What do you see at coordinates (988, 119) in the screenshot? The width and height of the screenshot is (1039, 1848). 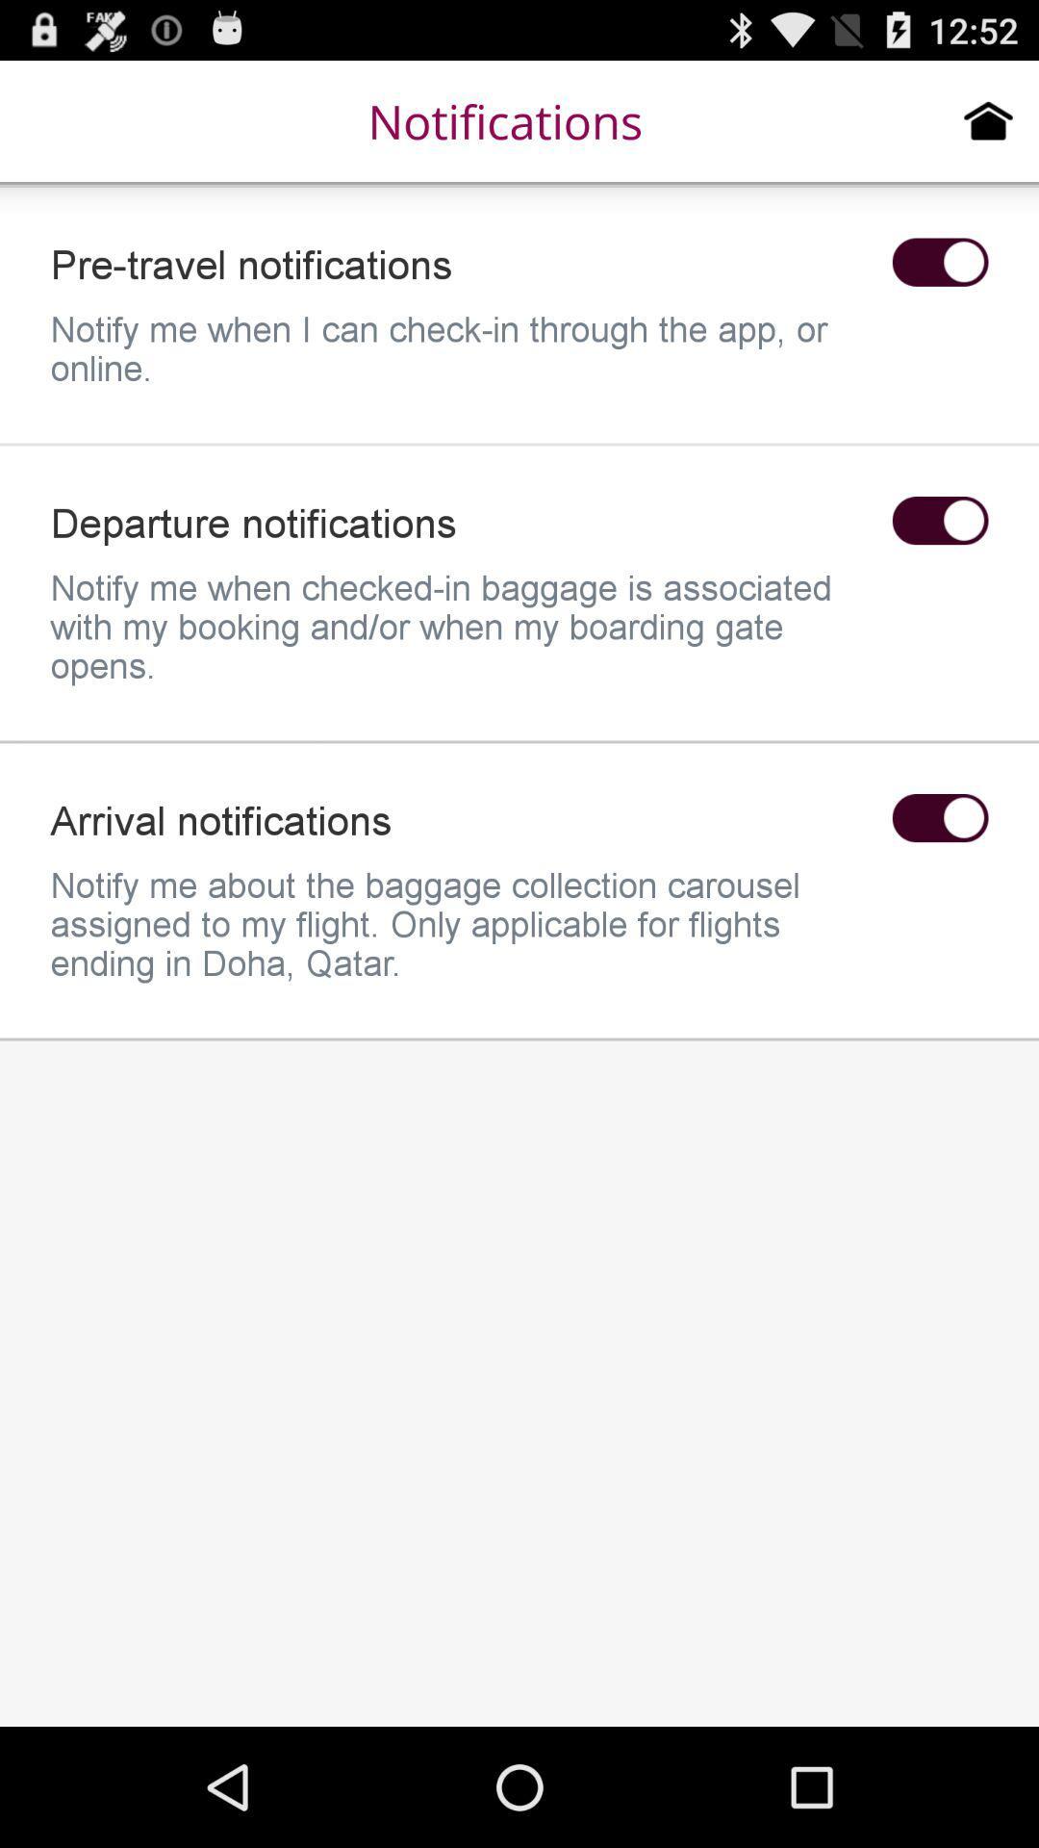 I see `home page` at bounding box center [988, 119].